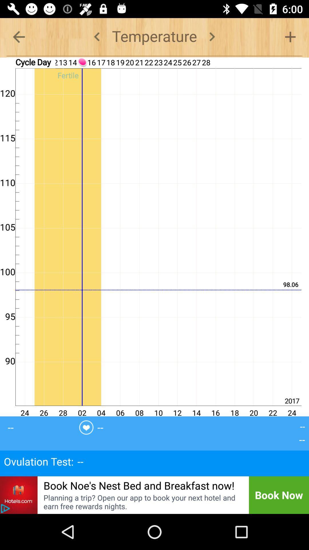 The image size is (309, 550). What do you see at coordinates (142, 502) in the screenshot?
I see `icon to the left of book now` at bounding box center [142, 502].